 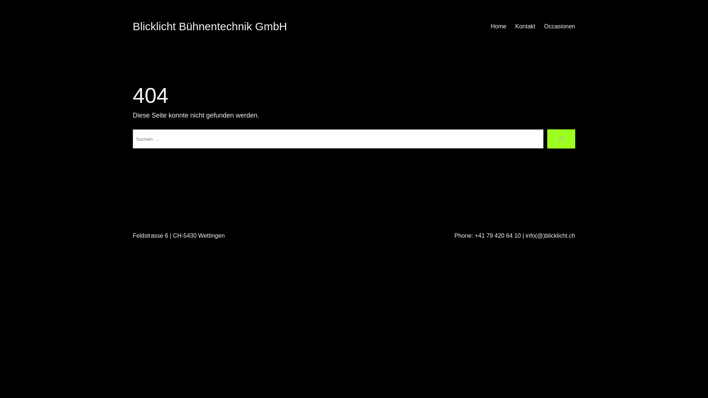 What do you see at coordinates (560, 26) in the screenshot?
I see `'Occasionen'` at bounding box center [560, 26].